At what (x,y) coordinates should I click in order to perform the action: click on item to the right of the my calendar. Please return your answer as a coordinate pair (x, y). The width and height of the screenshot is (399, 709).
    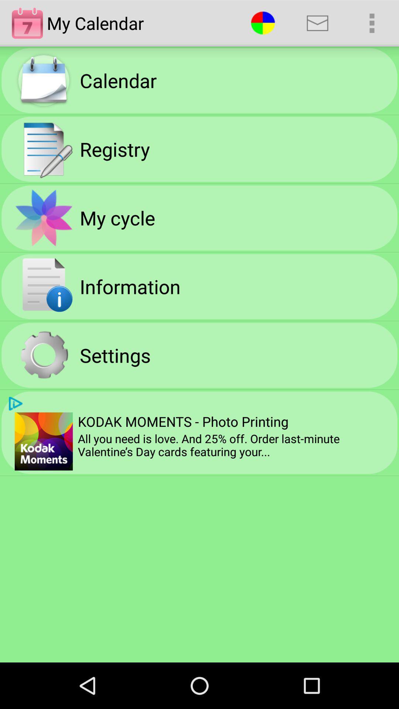
    Looking at the image, I should click on (263, 23).